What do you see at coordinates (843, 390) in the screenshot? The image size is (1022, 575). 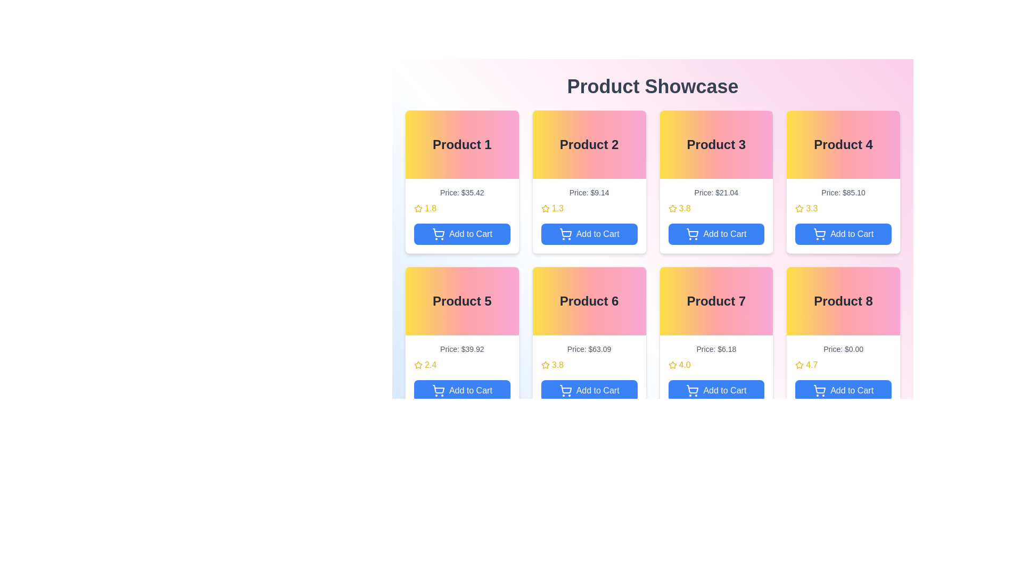 I see `the 'Add to Cart' button located below the star rating '4.7', which is the eighth instance of this button in the visible grid layout` at bounding box center [843, 390].